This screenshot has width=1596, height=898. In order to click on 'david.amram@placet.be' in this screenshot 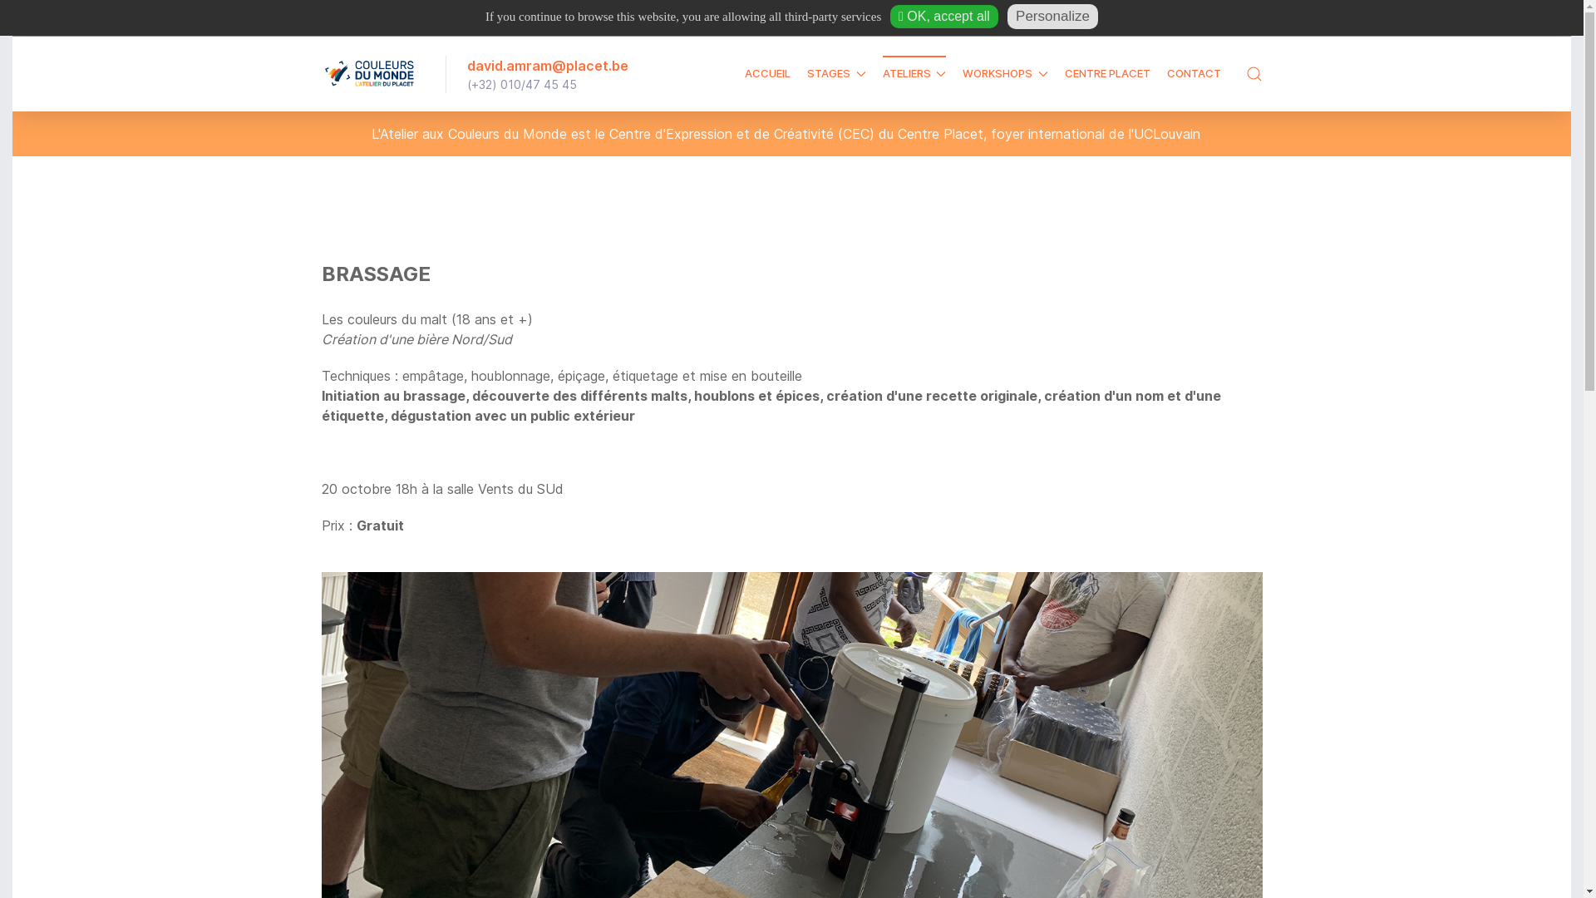, I will do `click(547, 63)`.